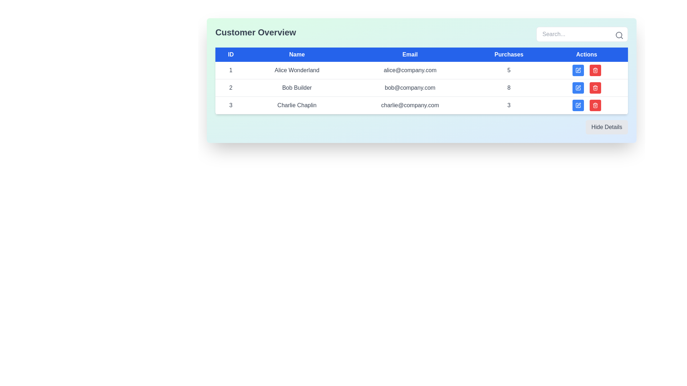  What do you see at coordinates (578, 105) in the screenshot?
I see `the square button with a blue background and pen icon located in the last row of the table under the 'Actions' column to experience the hover effect` at bounding box center [578, 105].